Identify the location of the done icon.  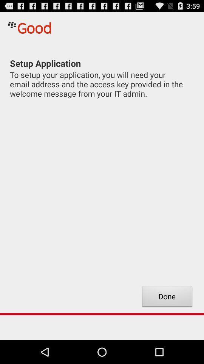
(167, 297).